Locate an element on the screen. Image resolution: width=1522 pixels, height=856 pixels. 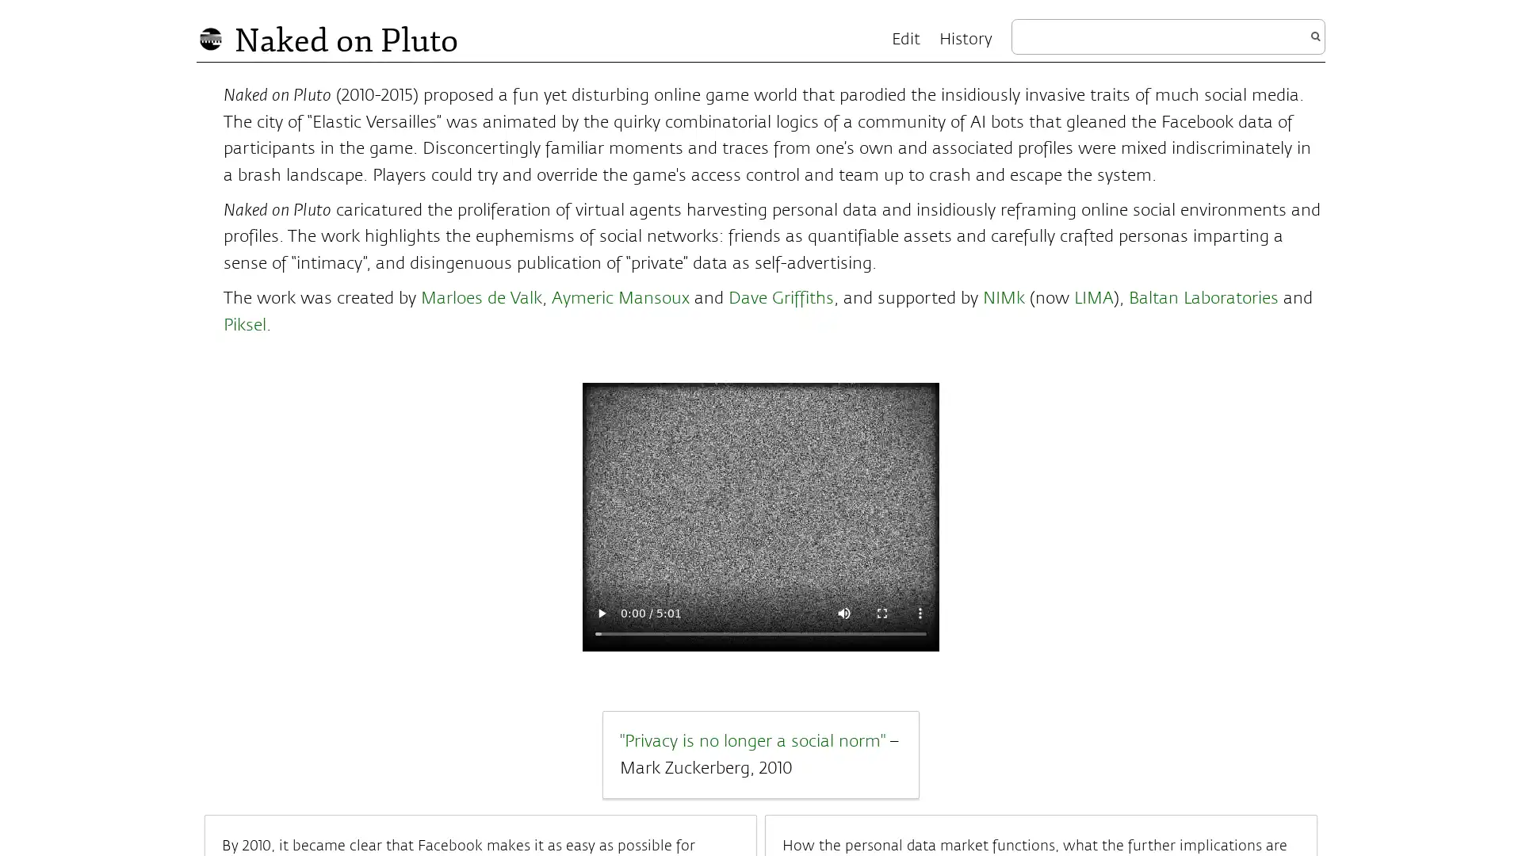
mute is located at coordinates (843, 611).